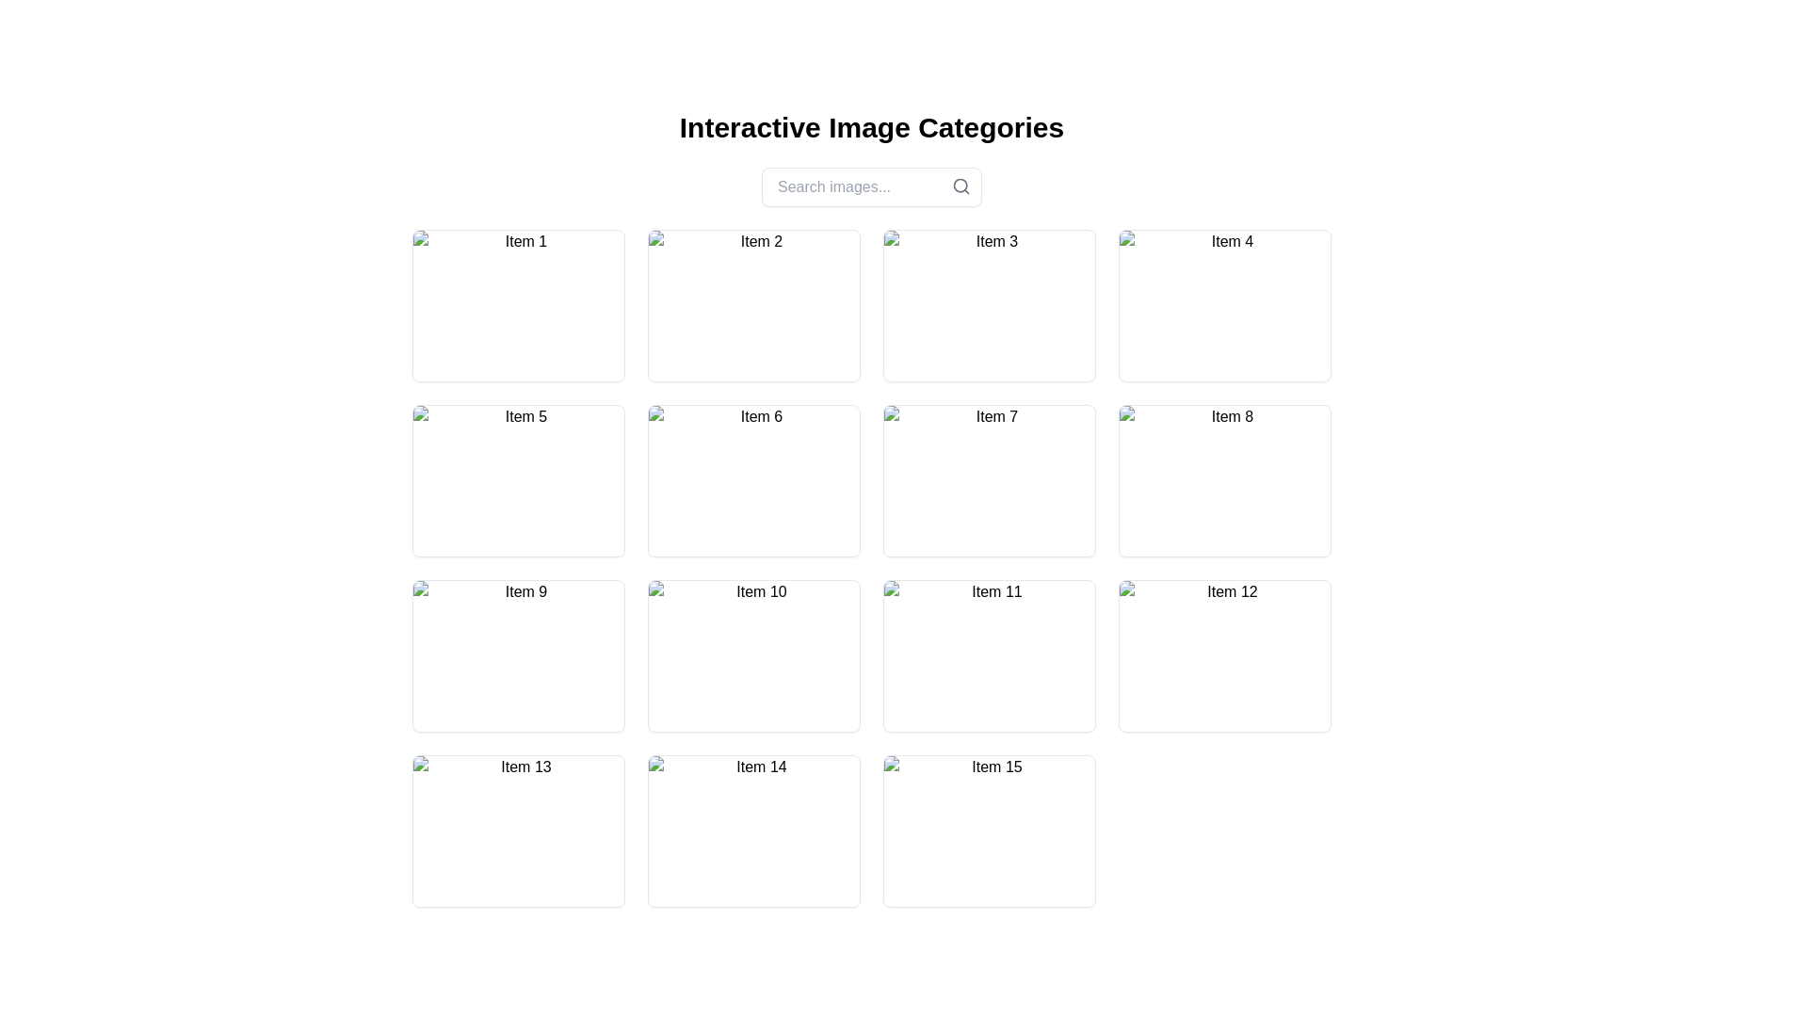 This screenshot has height=1017, width=1808. I want to click on the 'Item 9' text label located, so click(519, 645).